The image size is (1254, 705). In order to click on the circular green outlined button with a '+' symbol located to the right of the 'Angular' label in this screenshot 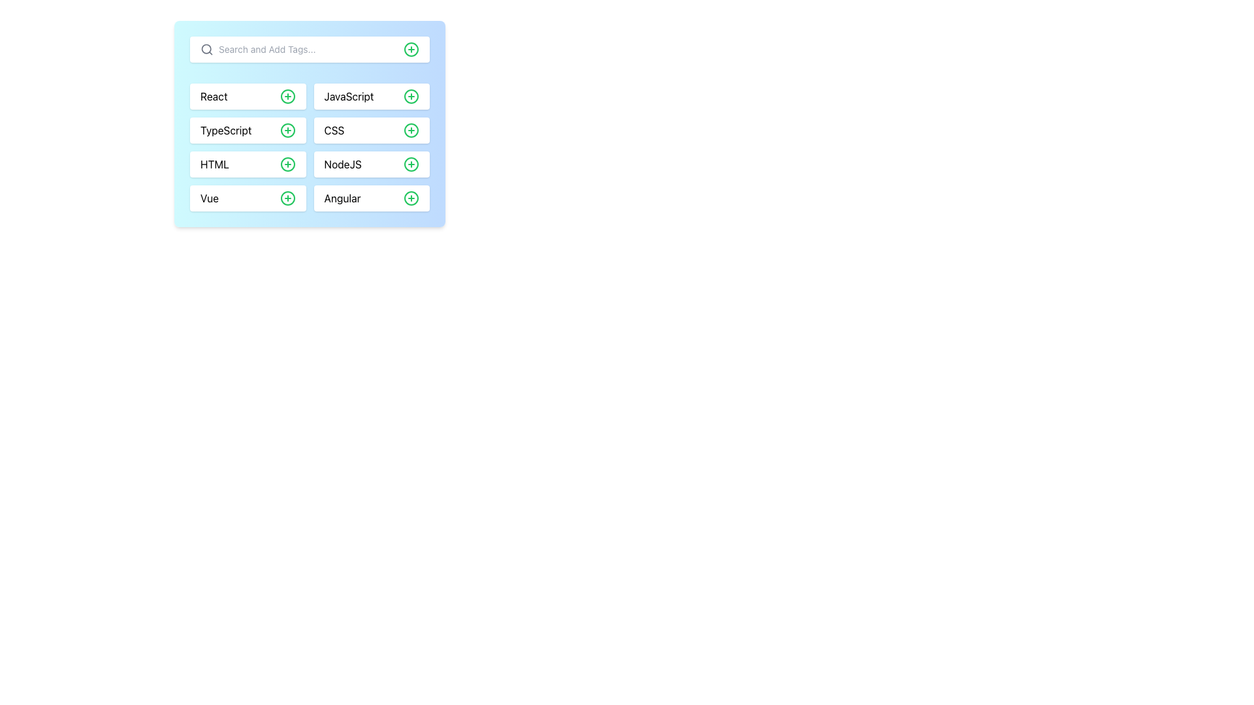, I will do `click(410, 198)`.